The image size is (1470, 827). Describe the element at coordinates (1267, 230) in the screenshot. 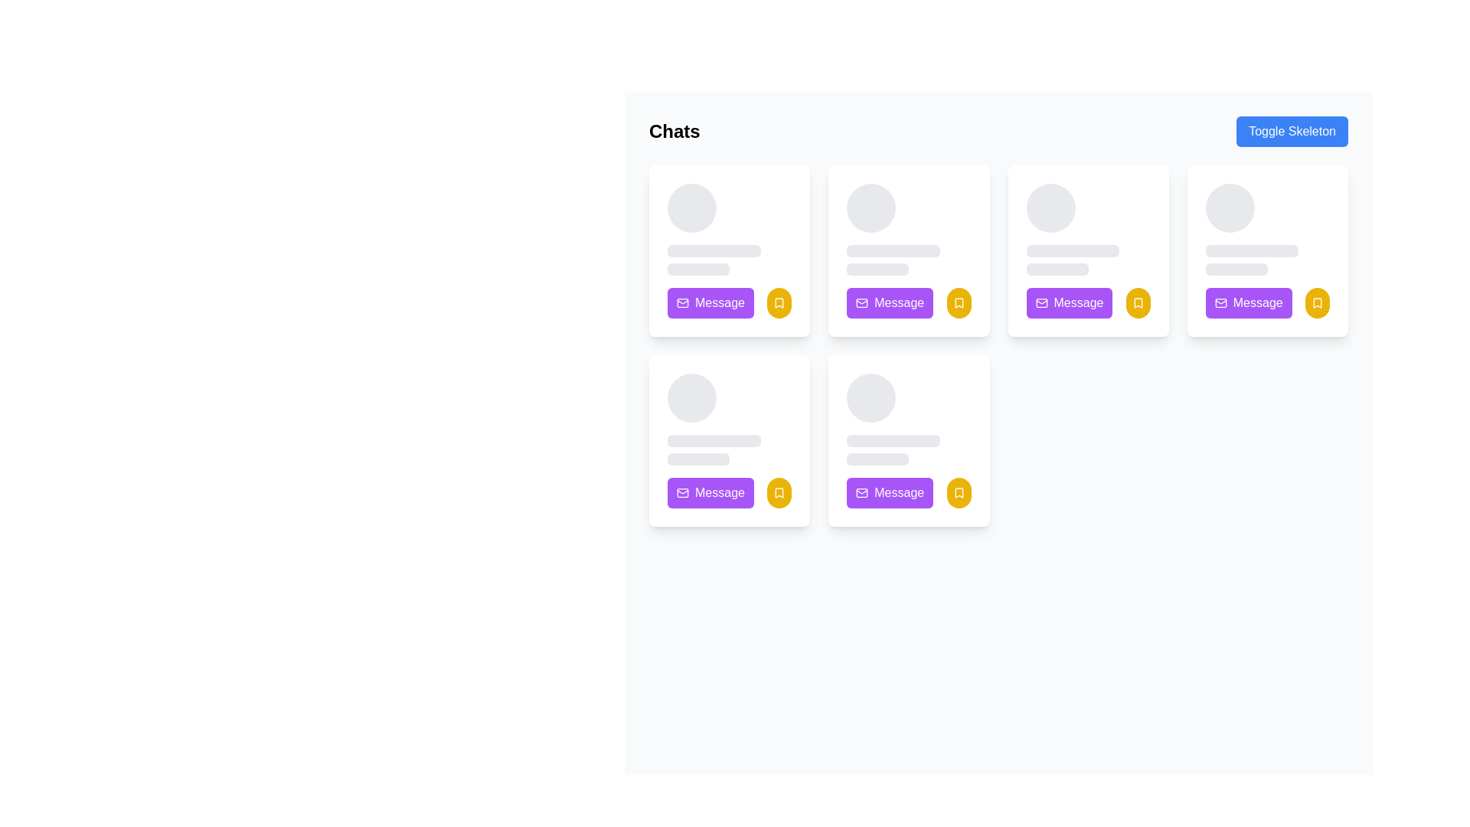

I see `the Skeleton loader element located in the top-right card of the visible grid, positioned above the 'Message' button` at that location.